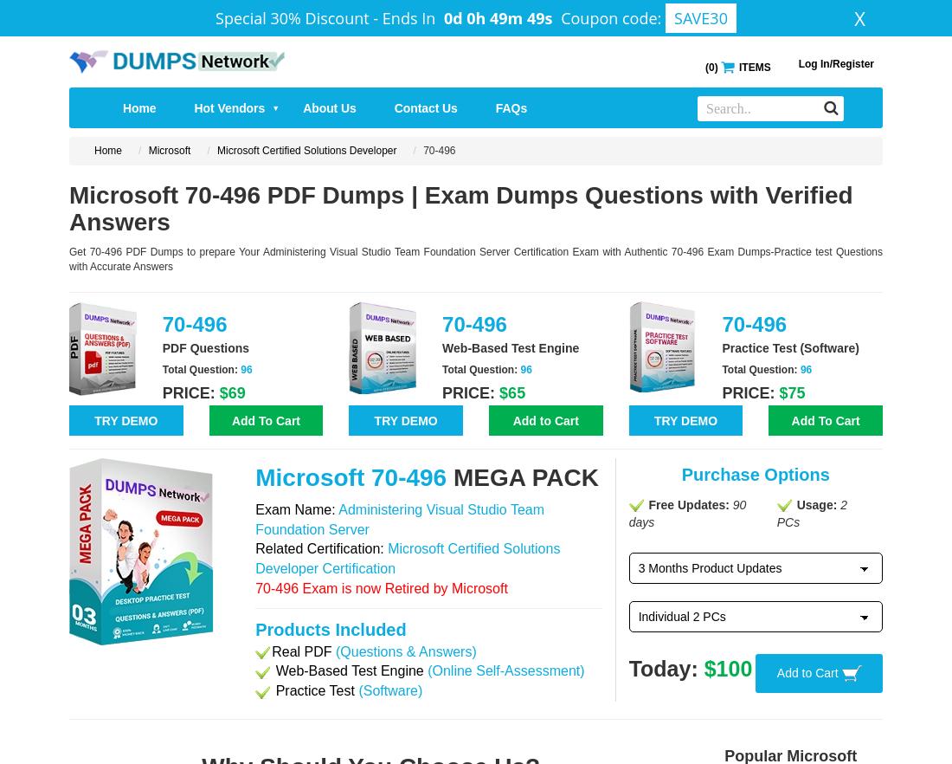 This screenshot has height=764, width=952. Describe the element at coordinates (711, 67) in the screenshot. I see `'0'` at that location.